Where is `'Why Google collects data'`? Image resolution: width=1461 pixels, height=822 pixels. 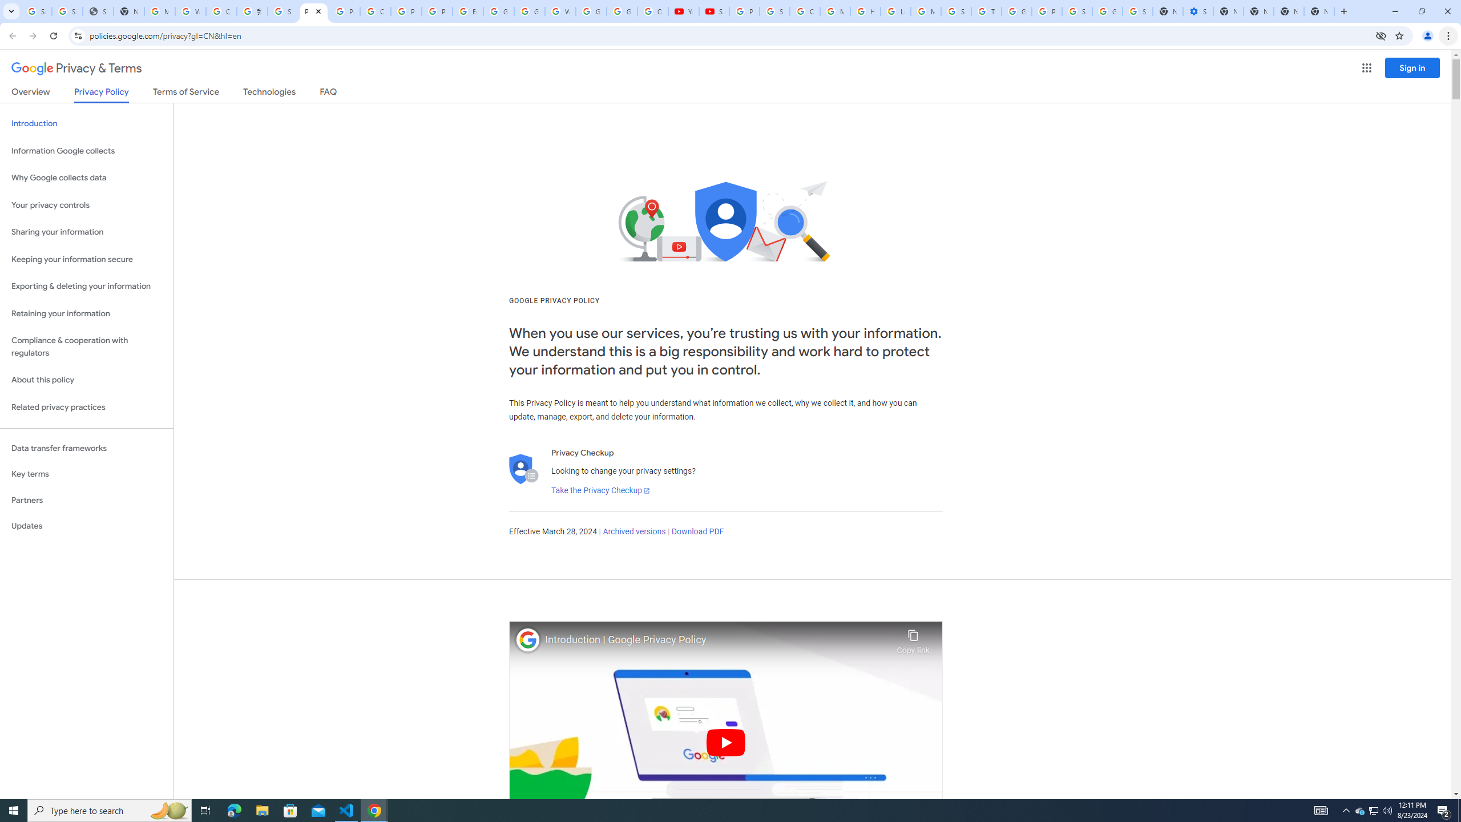 'Why Google collects data' is located at coordinates (86, 177).